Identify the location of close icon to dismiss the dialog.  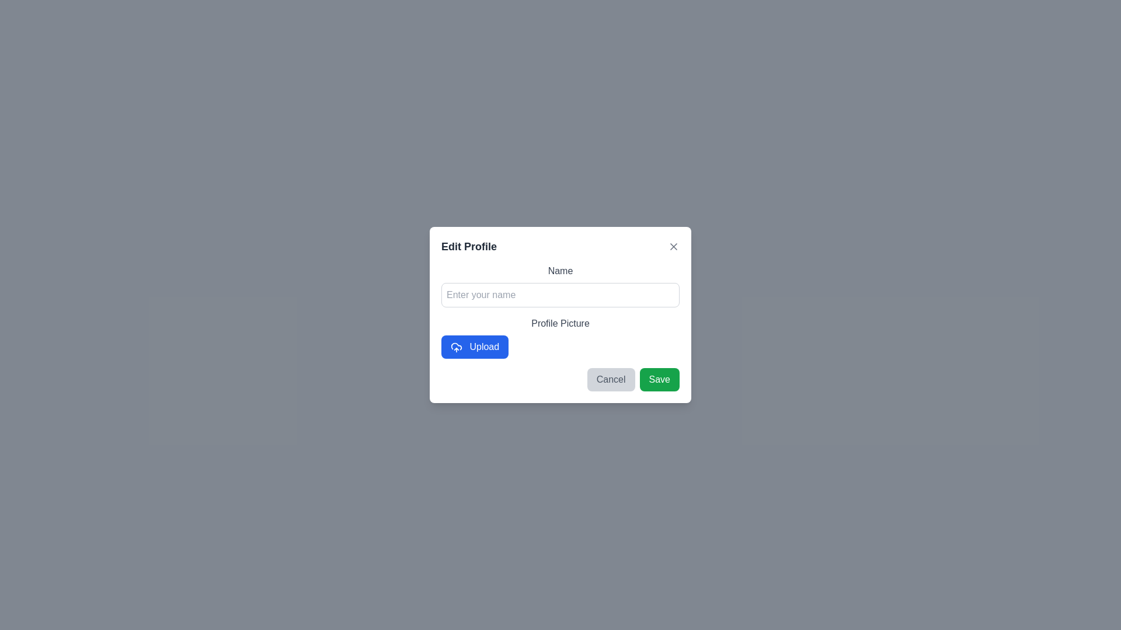
(673, 246).